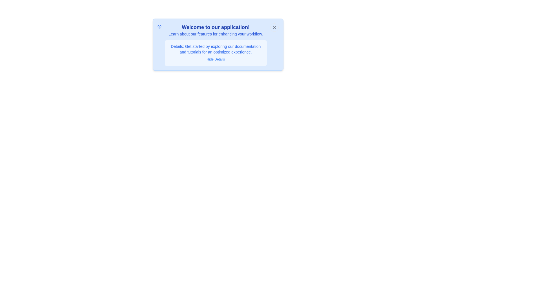  Describe the element at coordinates (159, 27) in the screenshot. I see `the alert icon to inspect it` at that location.